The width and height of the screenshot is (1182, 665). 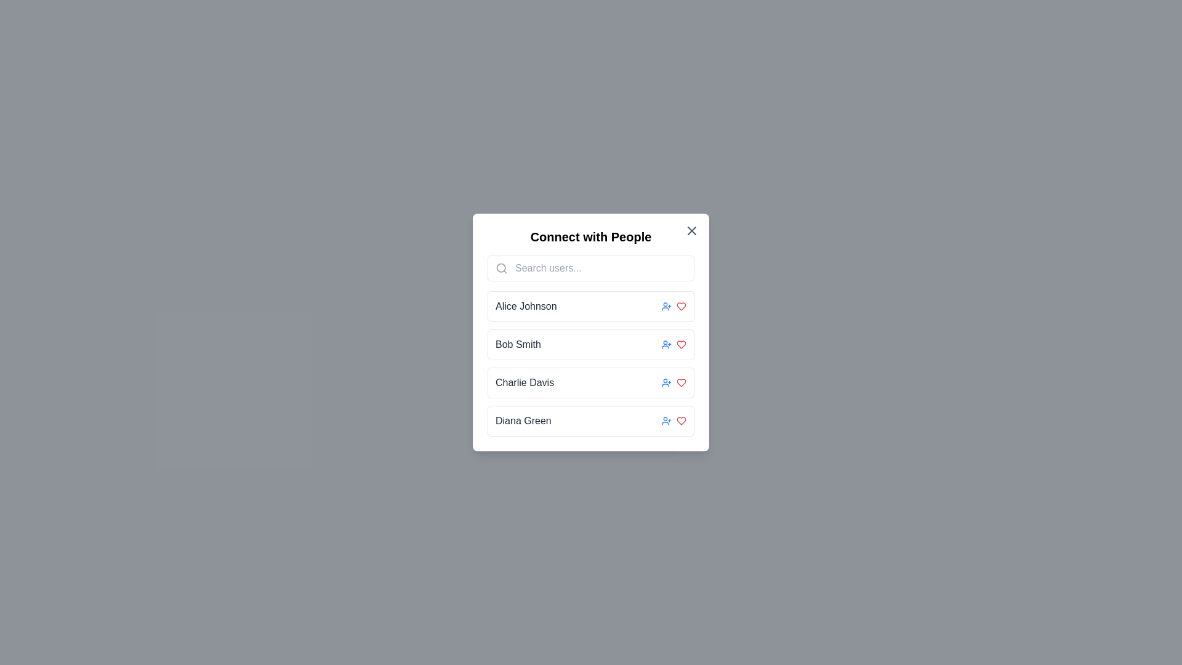 What do you see at coordinates (691, 230) in the screenshot?
I see `the interactive icon (X Close Button) located at the top right corner of the 'Connect with People' dialog to change its color` at bounding box center [691, 230].